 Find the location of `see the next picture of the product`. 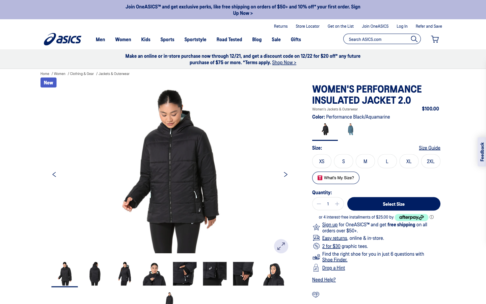

see the next picture of the product is located at coordinates (285, 174).